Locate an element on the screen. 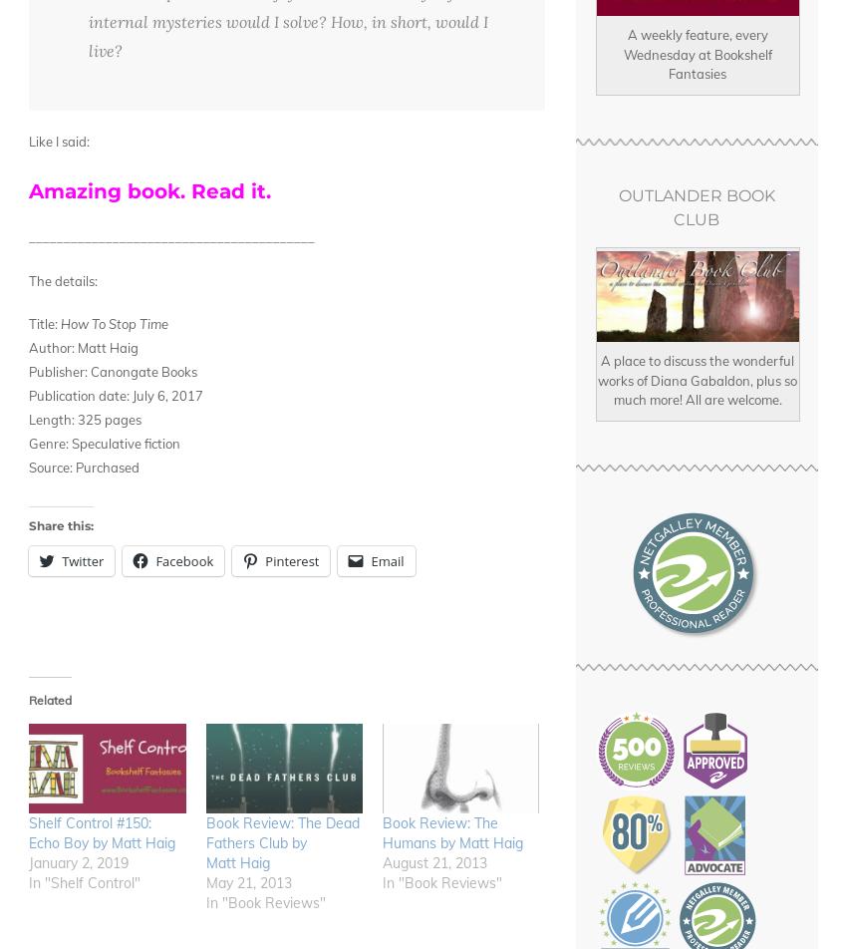 The image size is (847, 949). 'Author: Matt Haig' is located at coordinates (83, 348).